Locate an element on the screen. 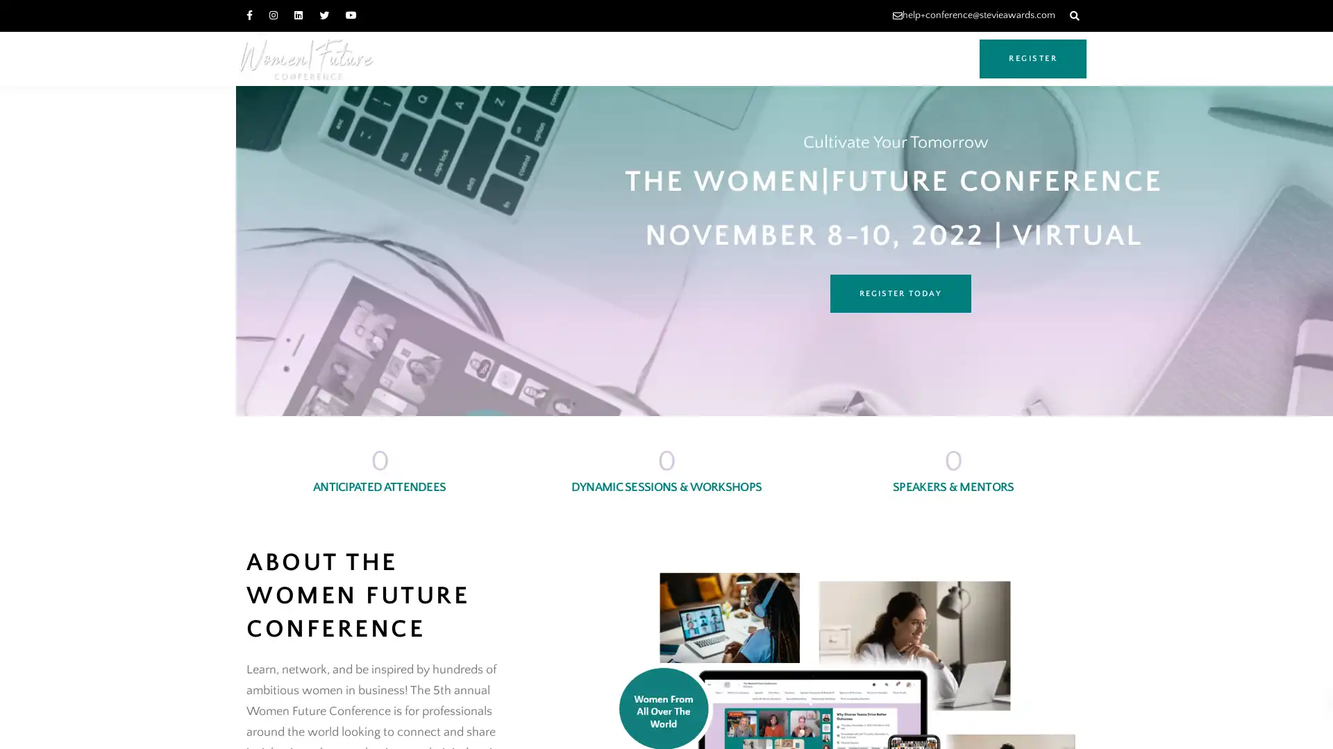 Image resolution: width=1333 pixels, height=749 pixels. Close is located at coordinates (277, 664).